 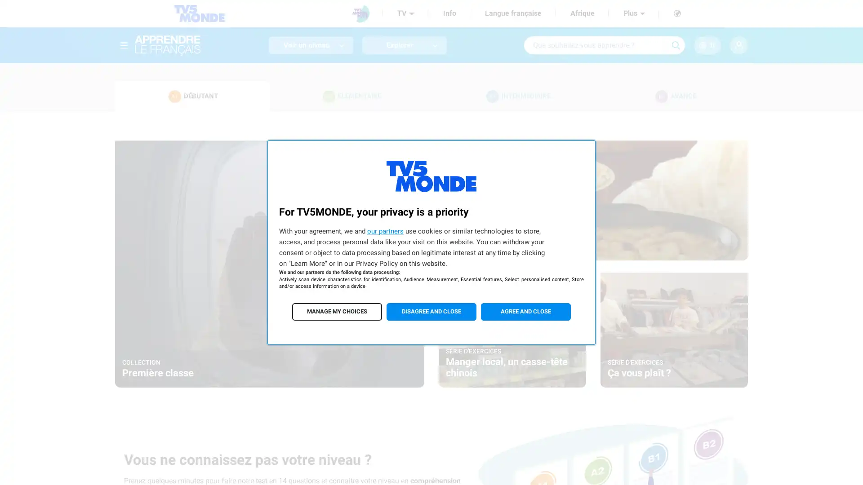 What do you see at coordinates (336, 311) in the screenshot?
I see `Configure your consents` at bounding box center [336, 311].